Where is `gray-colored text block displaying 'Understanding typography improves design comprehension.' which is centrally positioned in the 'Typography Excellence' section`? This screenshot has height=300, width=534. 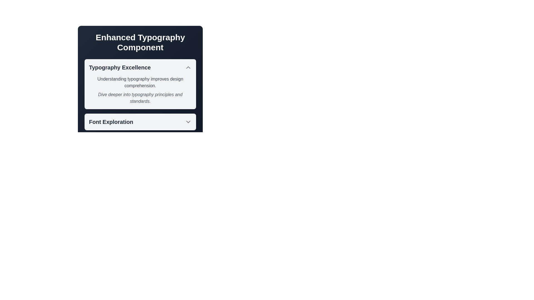 gray-colored text block displaying 'Understanding typography improves design comprehension.' which is centrally positioned in the 'Typography Excellence' section is located at coordinates (140, 82).